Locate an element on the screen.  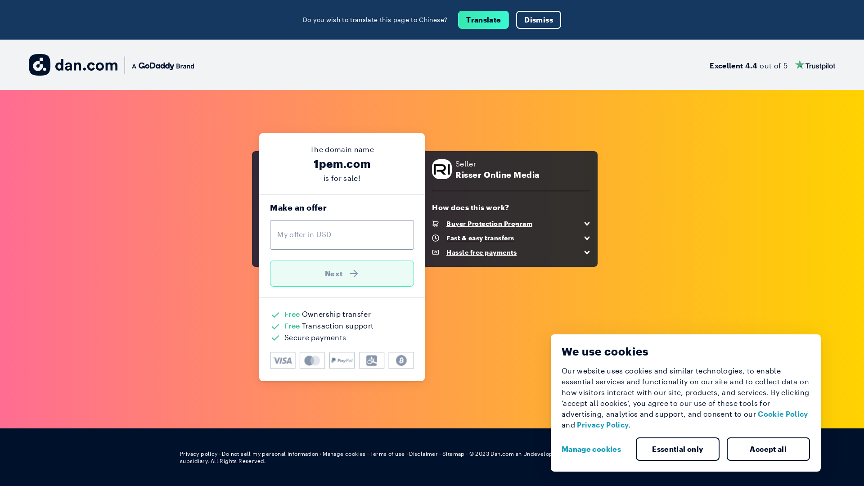
'Translate' is located at coordinates (483, 19).